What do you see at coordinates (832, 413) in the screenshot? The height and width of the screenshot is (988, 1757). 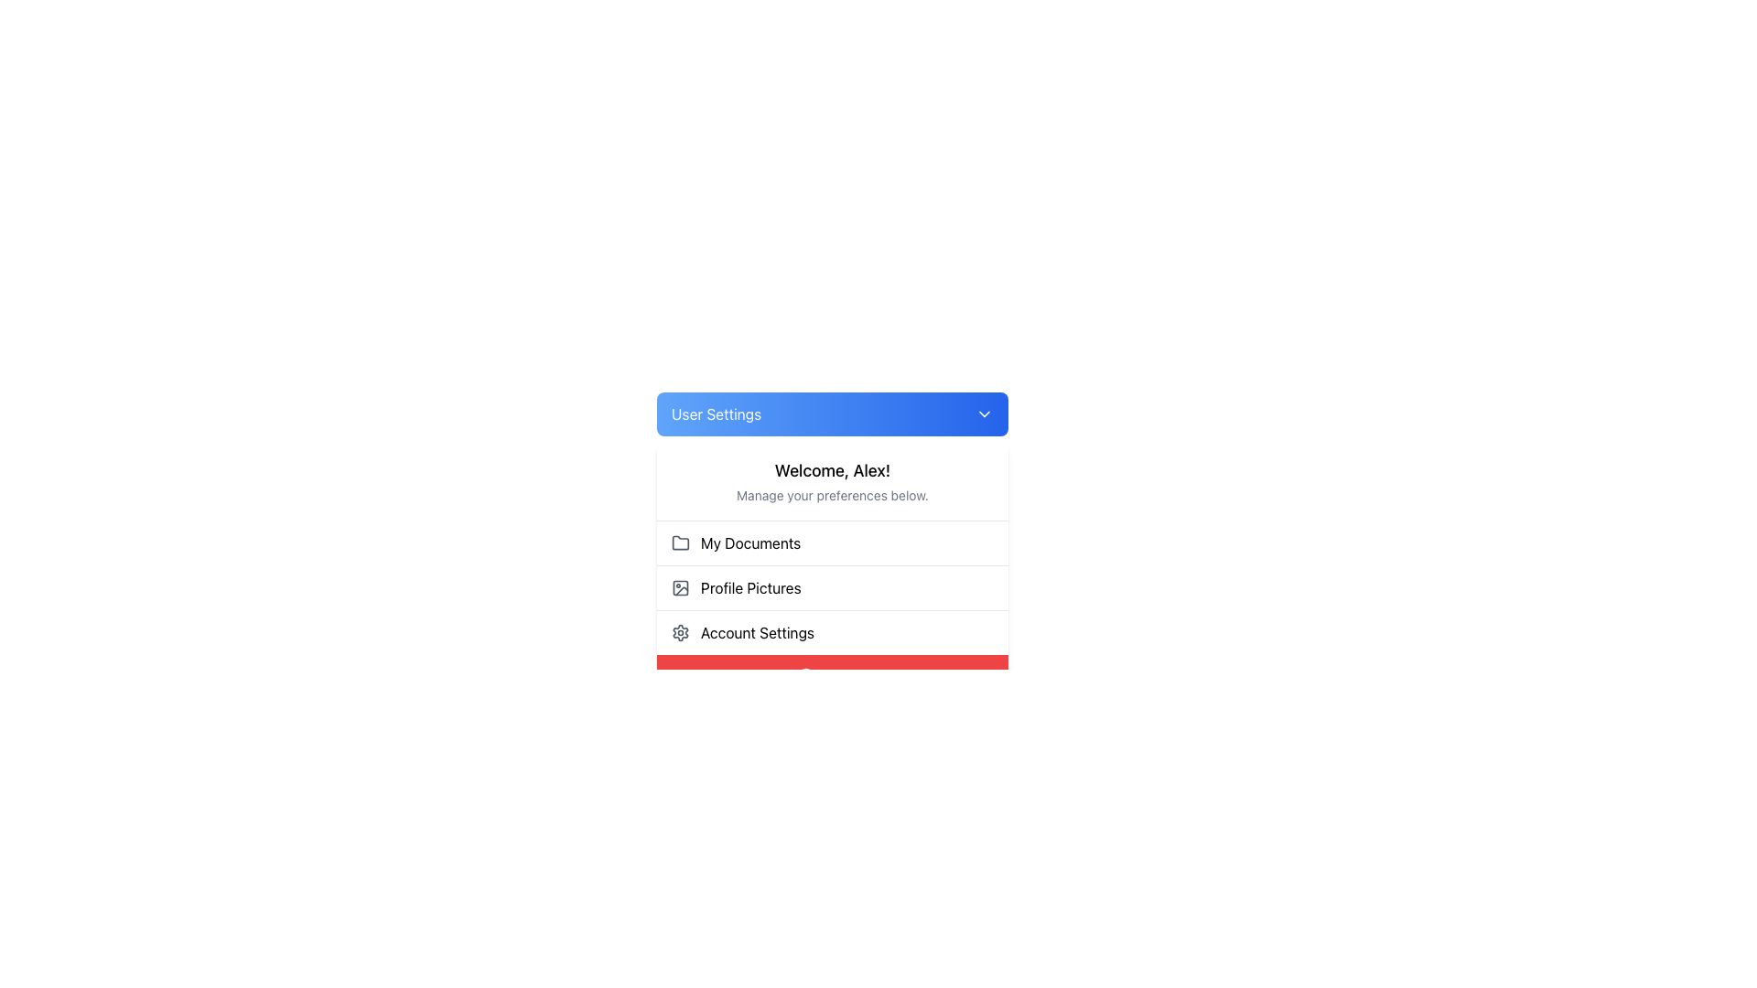 I see `the dropdown button located at the top of the centered card-like interface to access user settings for accessibility interactions` at bounding box center [832, 413].